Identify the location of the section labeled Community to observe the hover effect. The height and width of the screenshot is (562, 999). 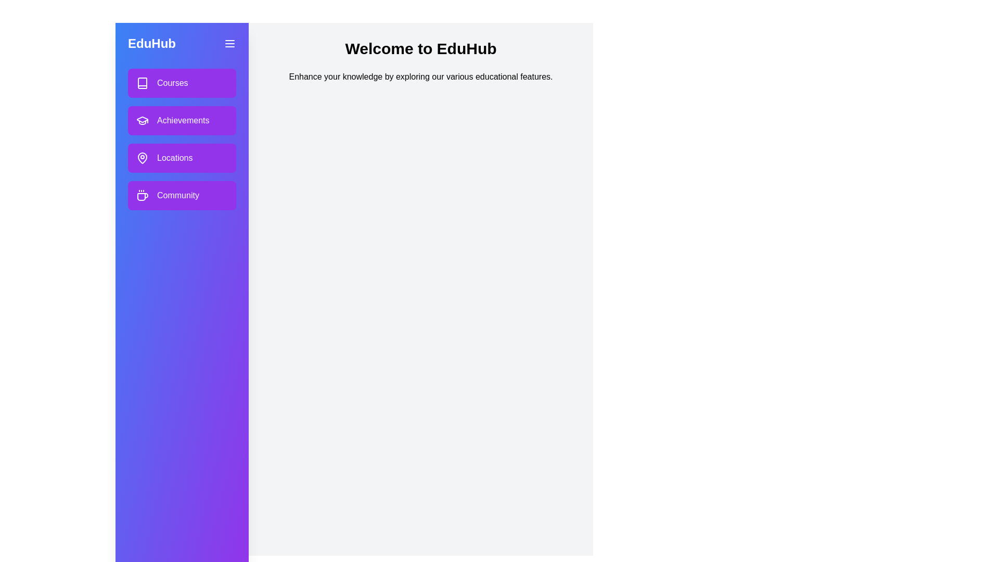
(182, 195).